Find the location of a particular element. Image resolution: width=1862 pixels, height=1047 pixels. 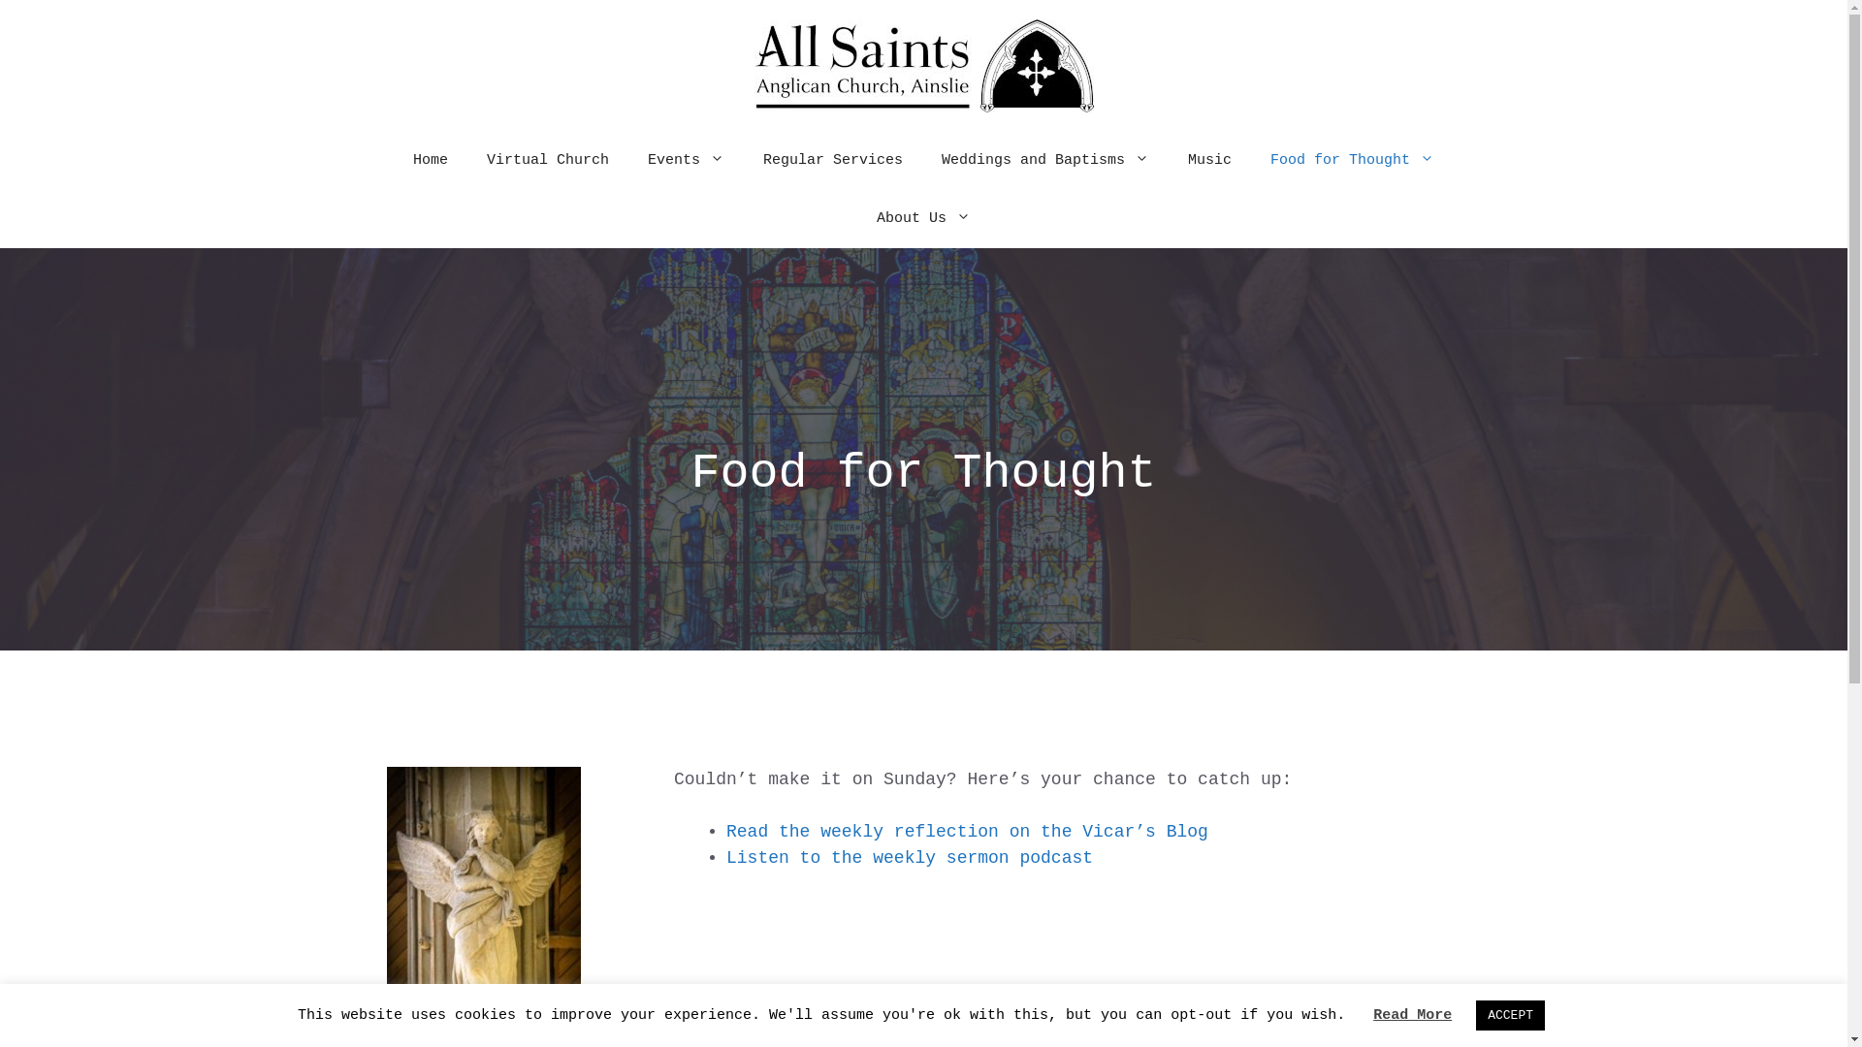

'Listen to the weekly sermon podcast' is located at coordinates (908, 856).